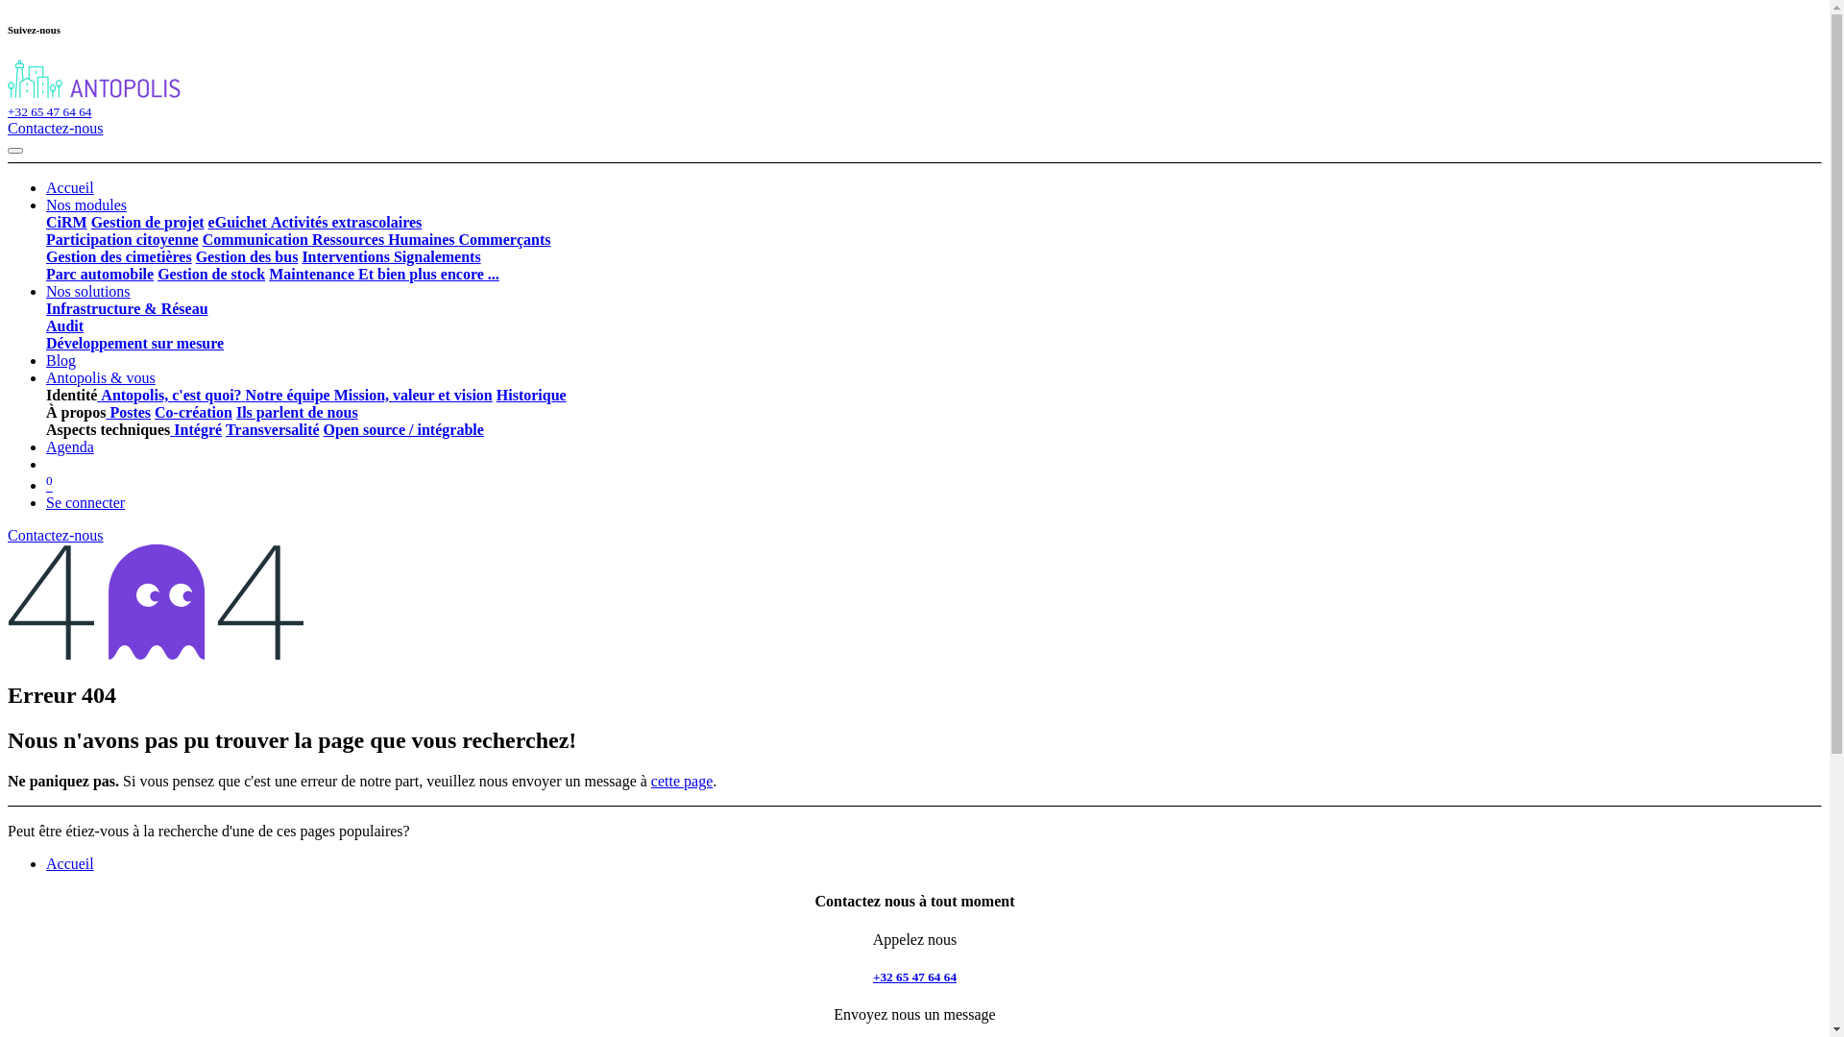  Describe the element at coordinates (46, 446) in the screenshot. I see `'Agenda'` at that location.